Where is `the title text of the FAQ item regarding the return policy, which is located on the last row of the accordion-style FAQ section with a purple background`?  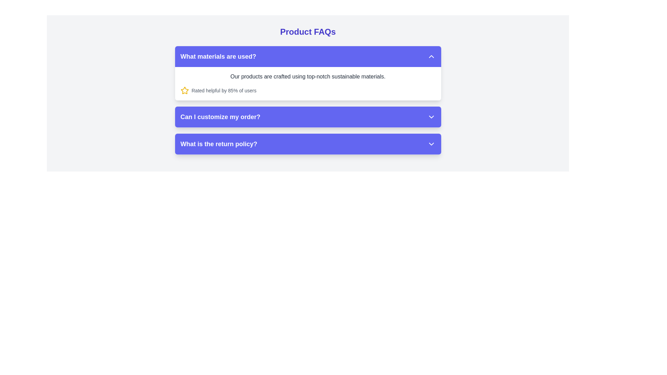
the title text of the FAQ item regarding the return policy, which is located on the last row of the accordion-style FAQ section with a purple background is located at coordinates (218, 144).